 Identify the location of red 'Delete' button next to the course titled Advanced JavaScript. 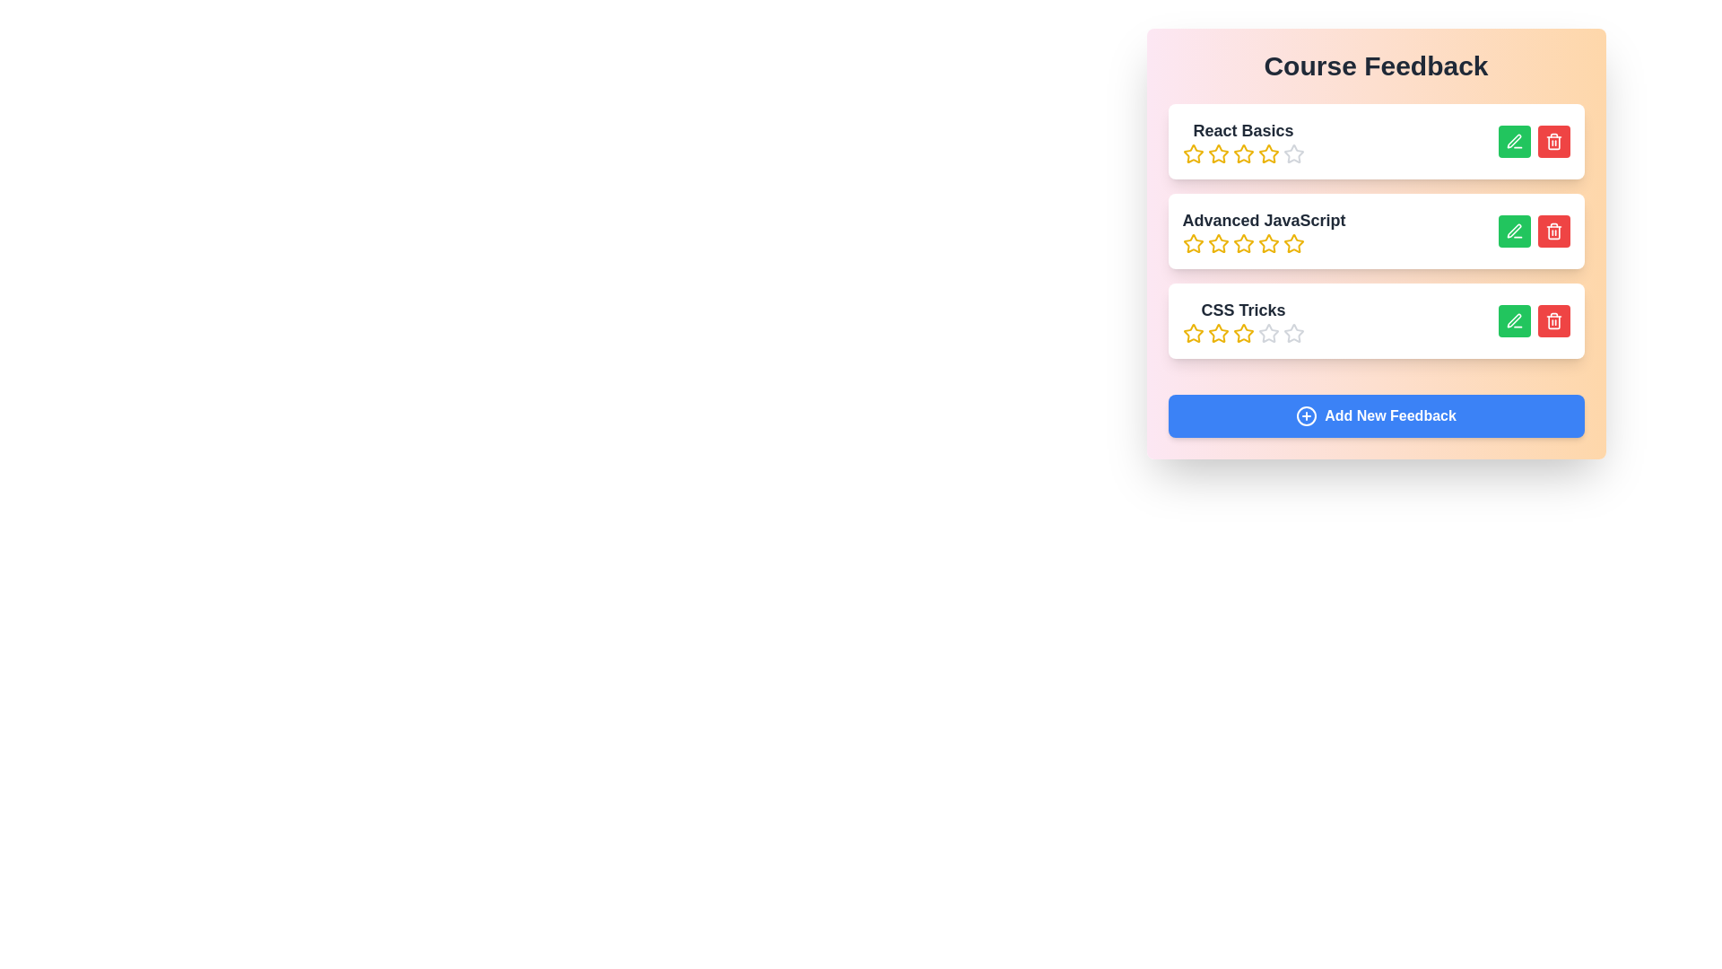
(1552, 231).